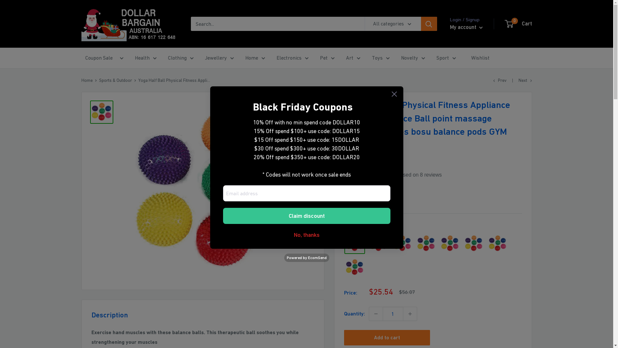 This screenshot has height=348, width=618. Describe the element at coordinates (86, 80) in the screenshot. I see `'Home'` at that location.